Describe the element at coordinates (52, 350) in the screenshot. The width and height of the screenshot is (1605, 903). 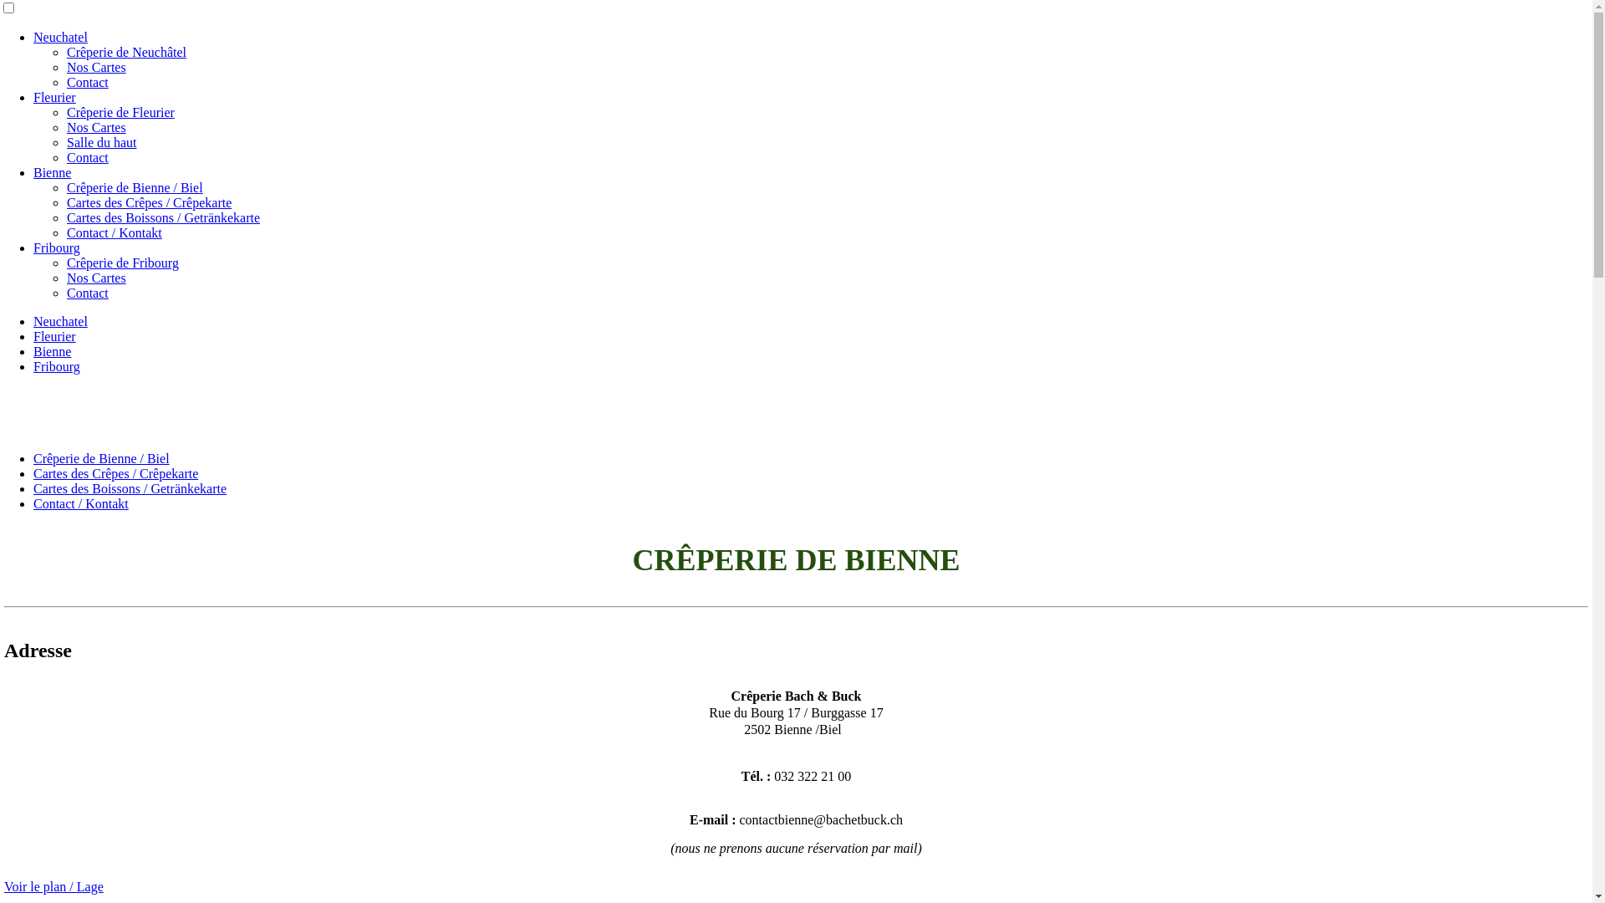
I see `'Bienne'` at that location.